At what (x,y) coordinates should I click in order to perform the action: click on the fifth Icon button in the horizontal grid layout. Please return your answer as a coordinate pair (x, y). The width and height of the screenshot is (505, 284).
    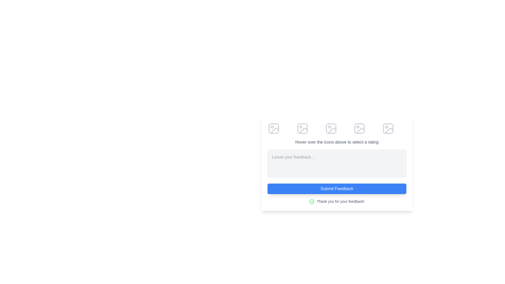
    Looking at the image, I should click on (388, 129).